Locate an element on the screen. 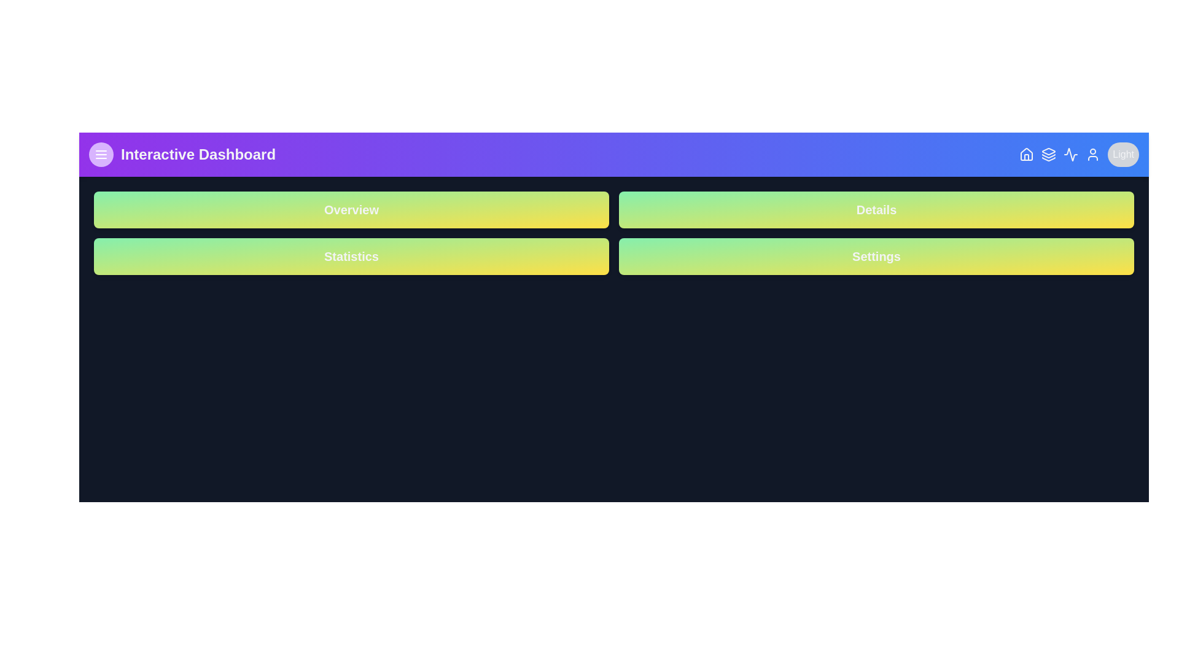 This screenshot has width=1179, height=663. the button to navigate to the Overview section is located at coordinates (351, 209).